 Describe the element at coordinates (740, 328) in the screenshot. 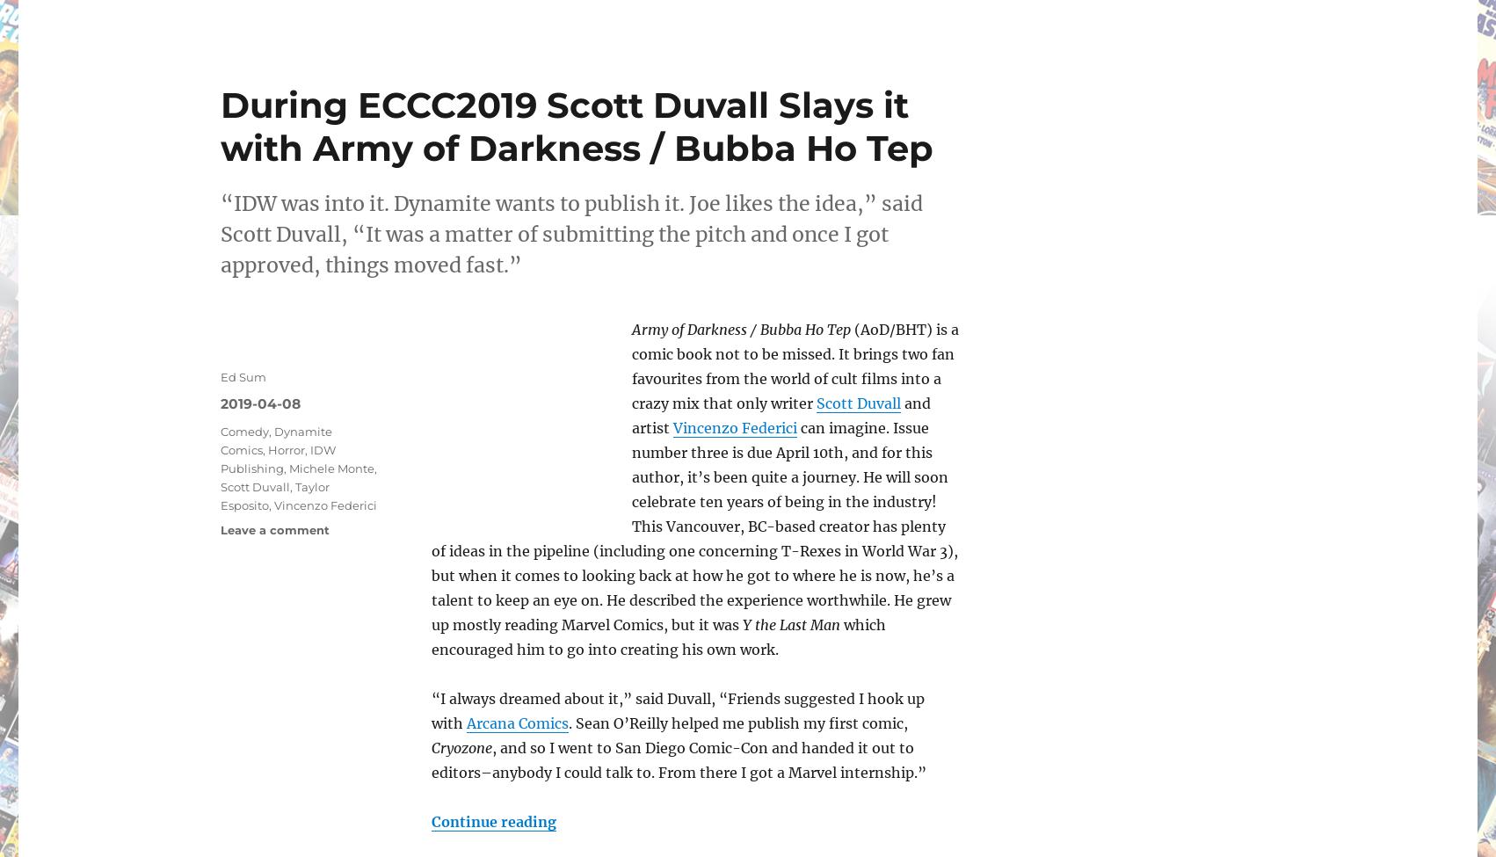

I see `'Army of Darkness / Bubba Ho Tep'` at that location.